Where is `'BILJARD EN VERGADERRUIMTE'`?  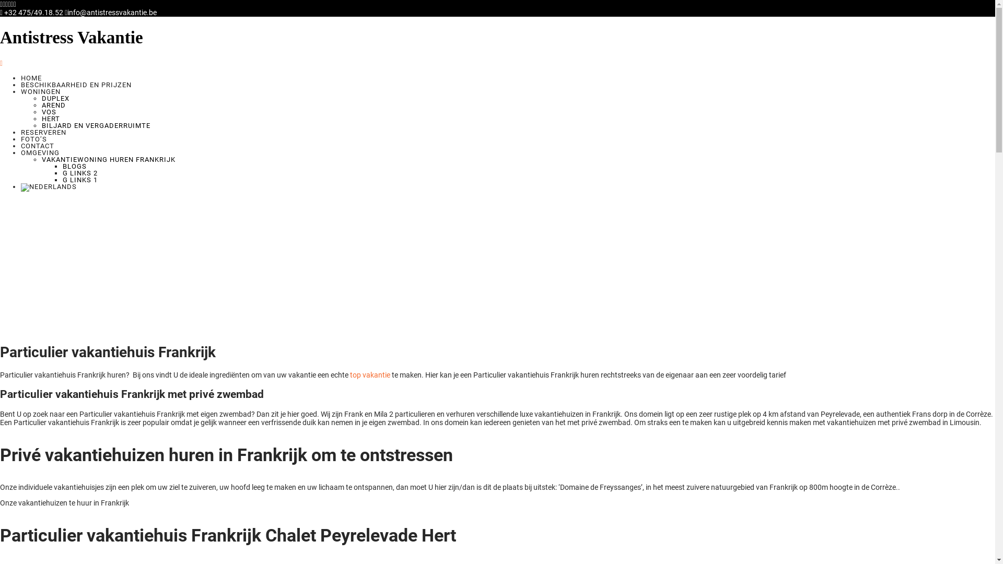 'BILJARD EN VERGADERRUIMTE' is located at coordinates (96, 125).